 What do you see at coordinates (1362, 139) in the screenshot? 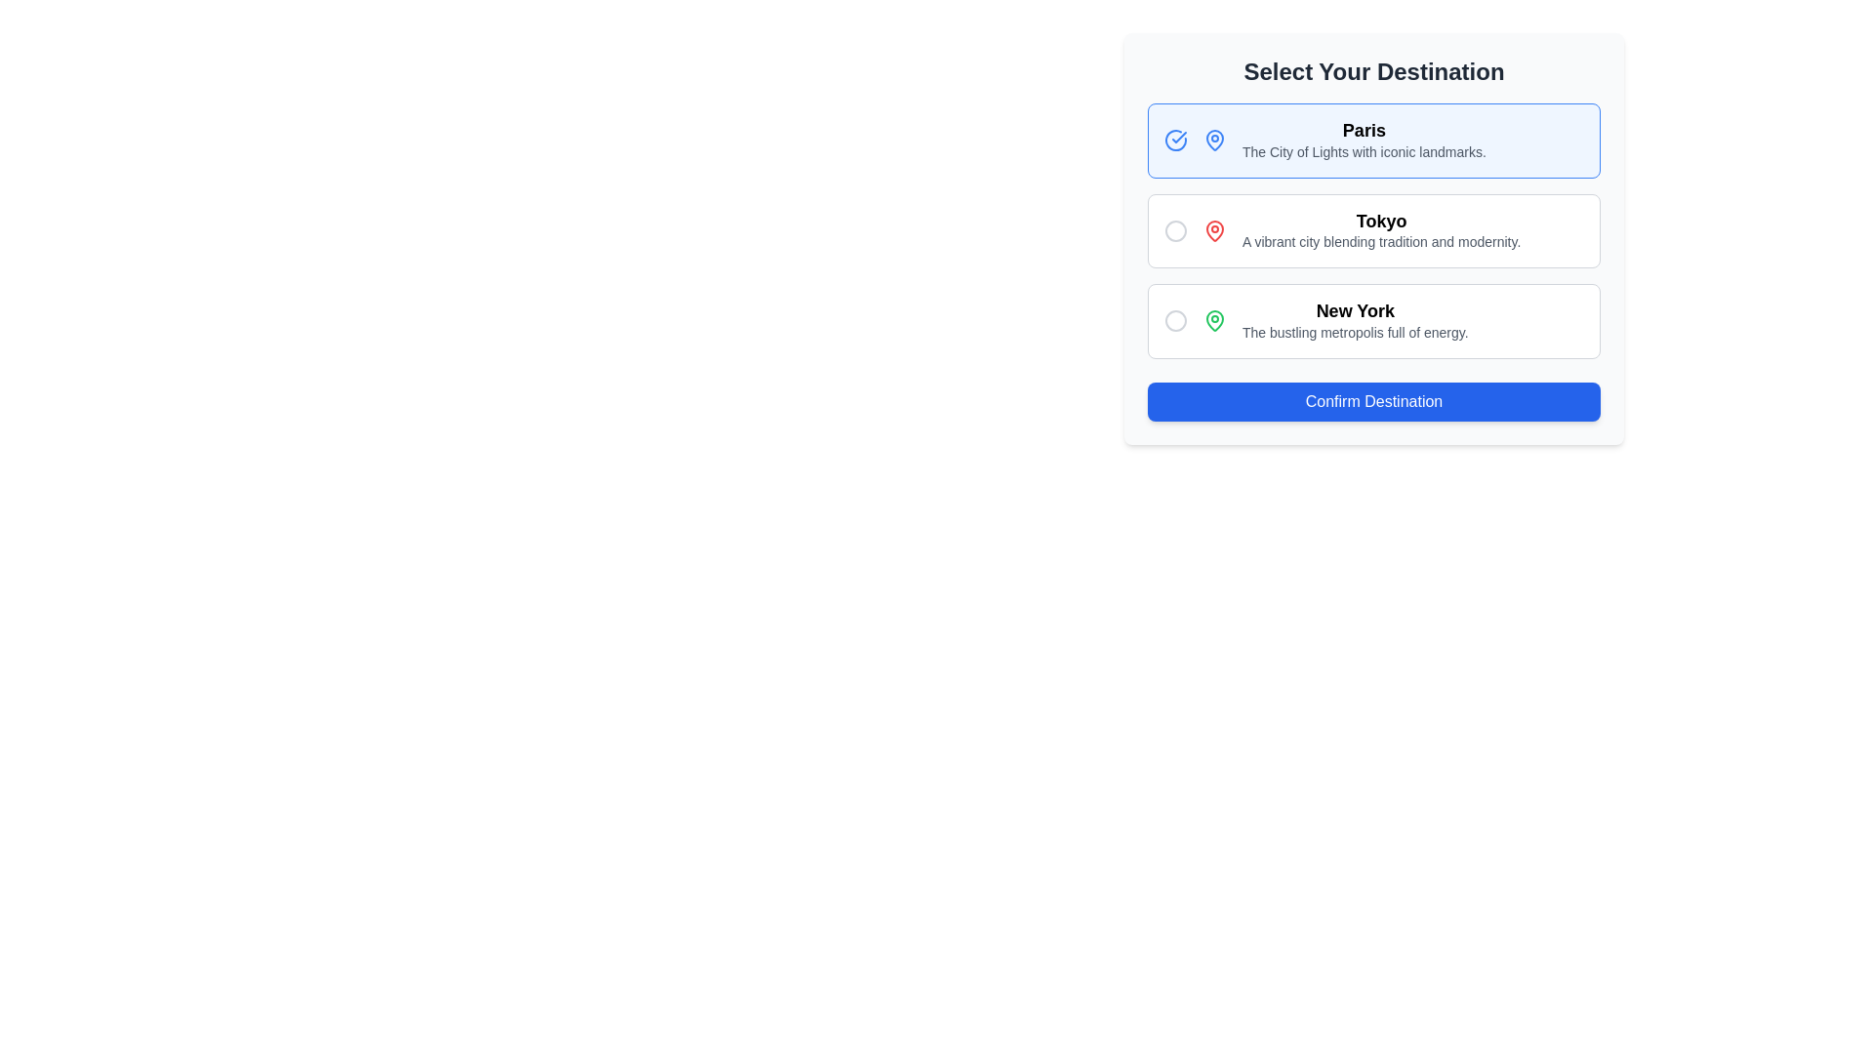
I see `the 'Paris' destination label, which is the first item in a list of travel options within a blue-bordered card` at bounding box center [1362, 139].